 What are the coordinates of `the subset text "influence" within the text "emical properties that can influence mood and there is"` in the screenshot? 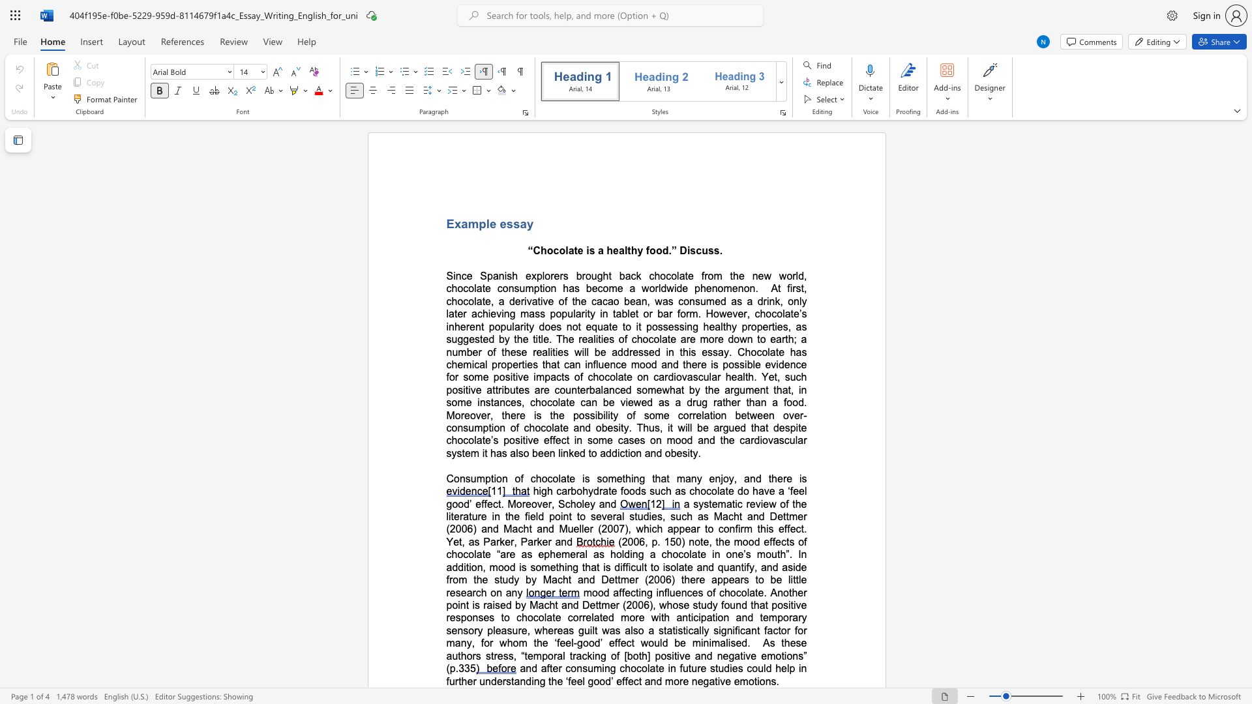 It's located at (584, 364).